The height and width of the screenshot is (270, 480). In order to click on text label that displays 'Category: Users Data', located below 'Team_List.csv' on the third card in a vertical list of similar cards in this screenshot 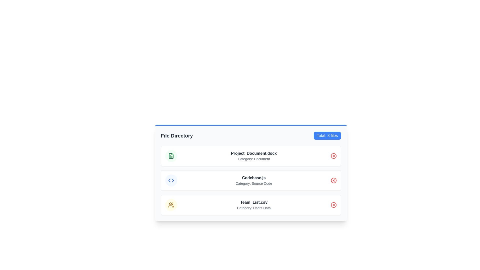, I will do `click(254, 208)`.